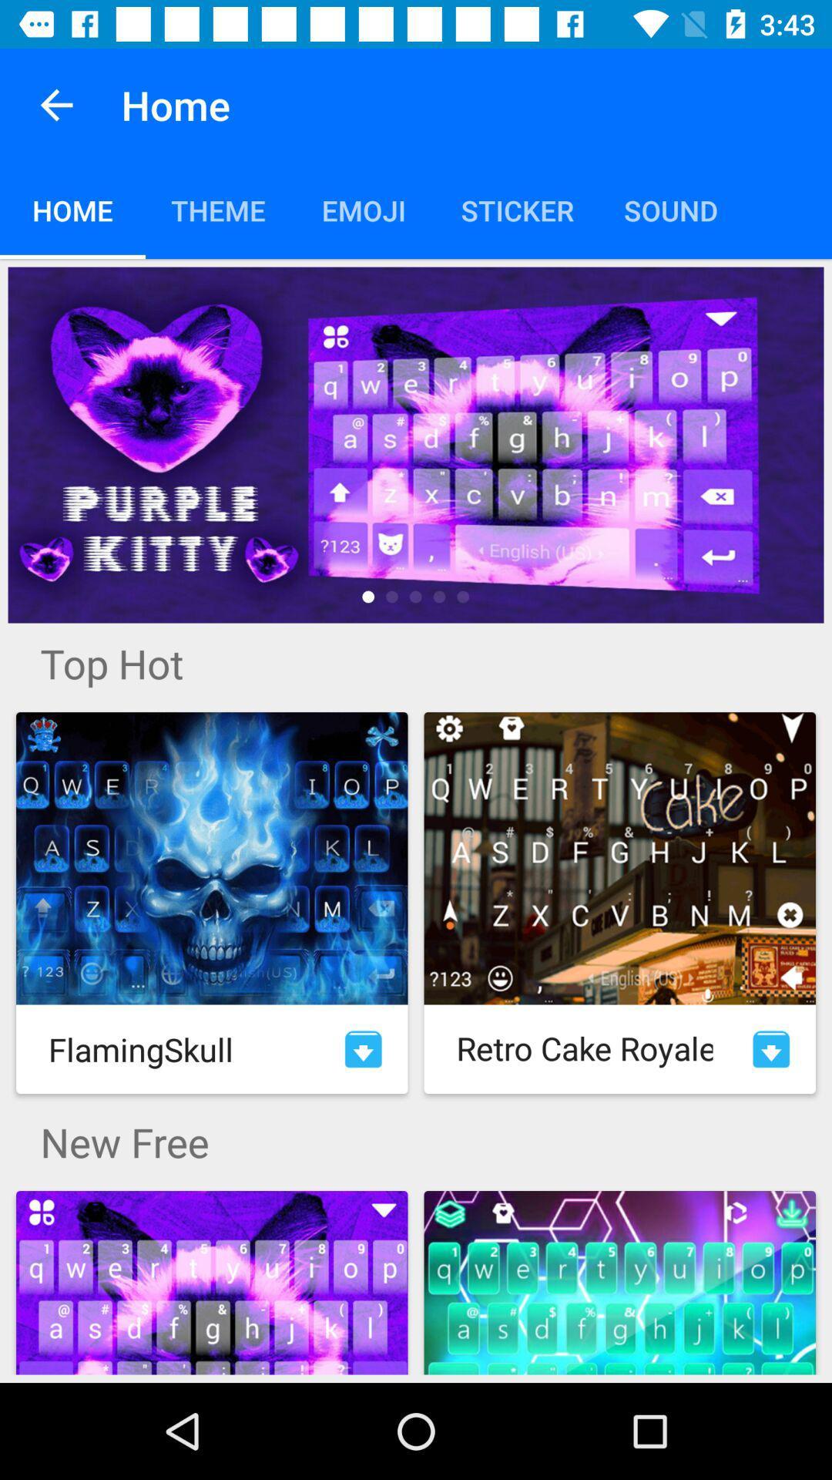  What do you see at coordinates (416, 444) in the screenshot?
I see `the item below the home icon` at bounding box center [416, 444].